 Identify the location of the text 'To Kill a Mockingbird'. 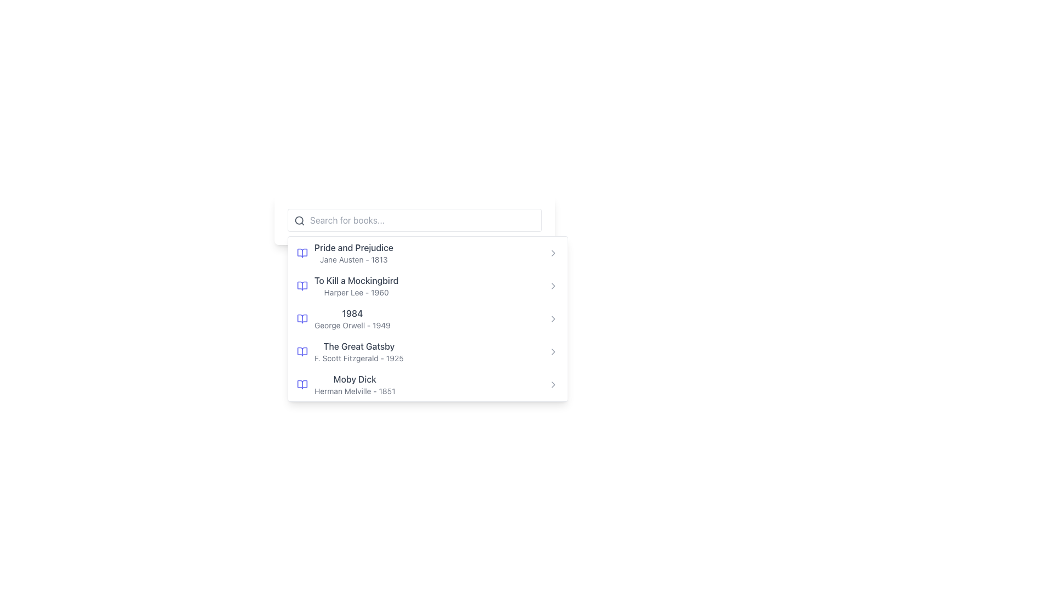
(356, 280).